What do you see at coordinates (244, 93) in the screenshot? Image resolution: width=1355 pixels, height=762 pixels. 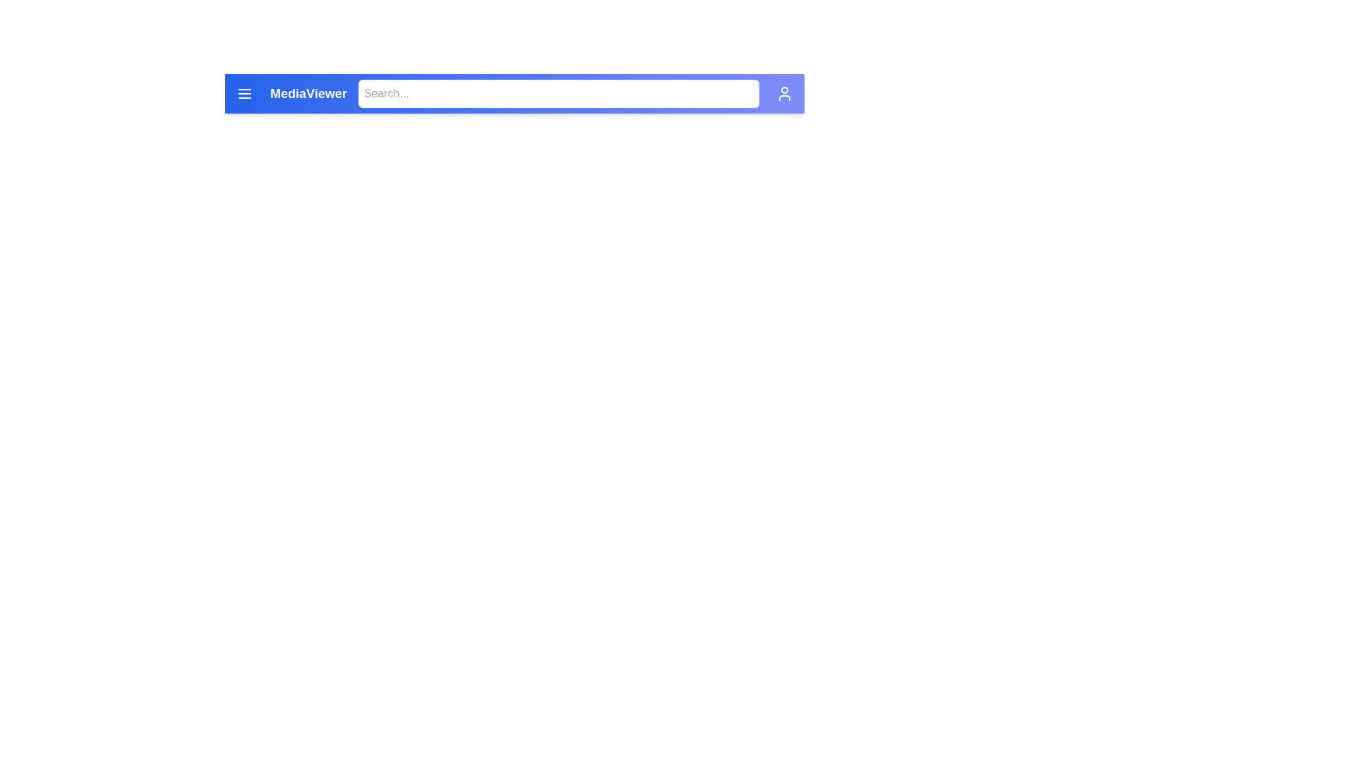 I see `the menu button represented by a white icon with three horizontal lines on a blue square background, located at the leftmost part of the navigation bar before 'MediaViewer'` at bounding box center [244, 93].